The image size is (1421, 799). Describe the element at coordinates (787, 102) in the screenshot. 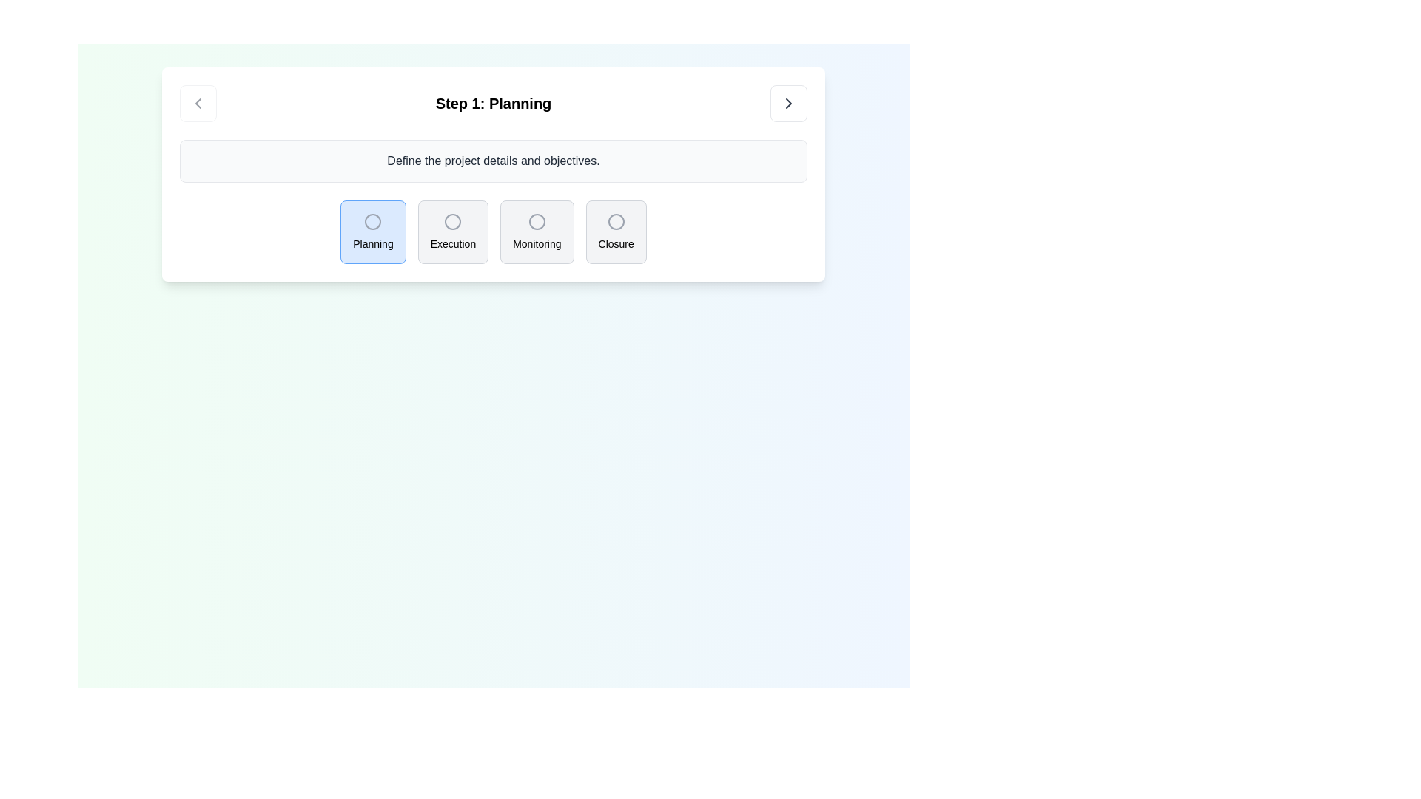

I see `the rectangular button with a chevron-right icon located in the header section to the far right of 'Step 1: Planning' for hover effects` at that location.